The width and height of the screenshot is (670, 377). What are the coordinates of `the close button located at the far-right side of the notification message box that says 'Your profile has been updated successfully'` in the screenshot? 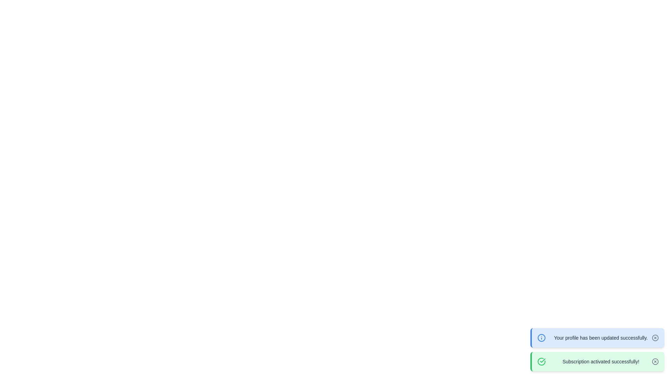 It's located at (655, 338).